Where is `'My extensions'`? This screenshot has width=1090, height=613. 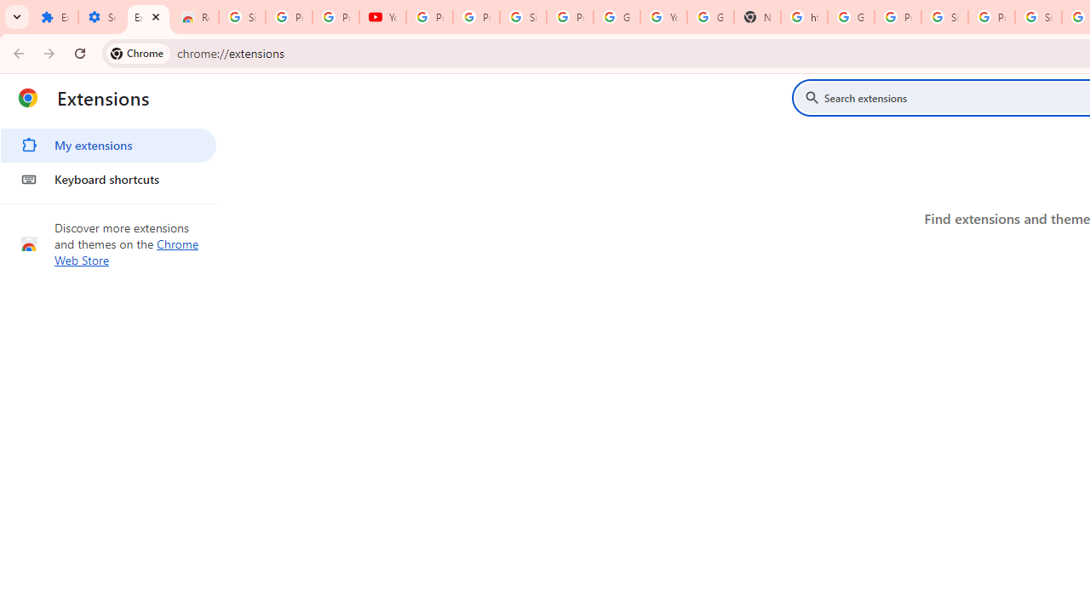
'My extensions' is located at coordinates (107, 145).